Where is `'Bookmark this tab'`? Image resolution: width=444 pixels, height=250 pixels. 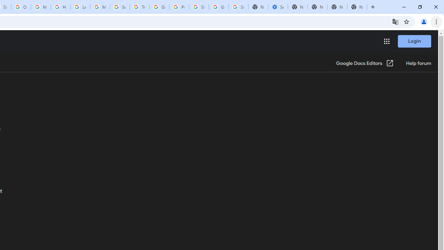 'Bookmark this tab' is located at coordinates (406, 21).